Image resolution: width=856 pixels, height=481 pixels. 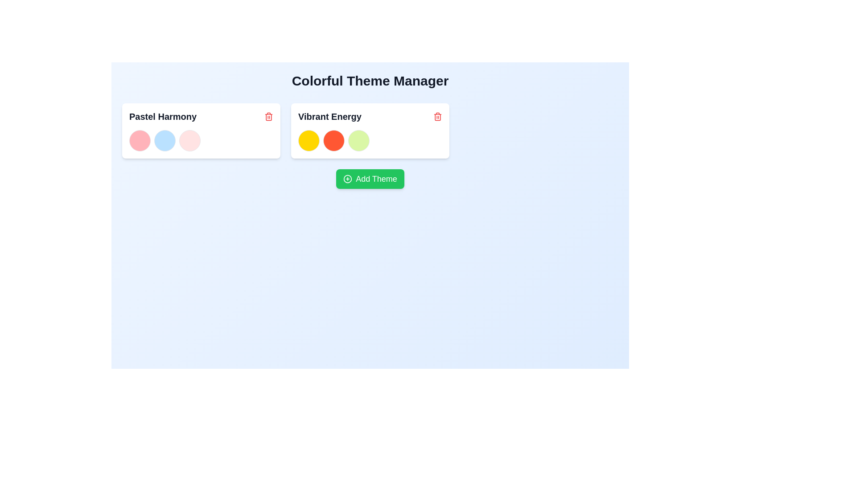 What do you see at coordinates (359, 140) in the screenshot?
I see `the third circle in the group of three circles within the 'Vibrant Energy' card, which acts as a visual decoration or theme indicator` at bounding box center [359, 140].